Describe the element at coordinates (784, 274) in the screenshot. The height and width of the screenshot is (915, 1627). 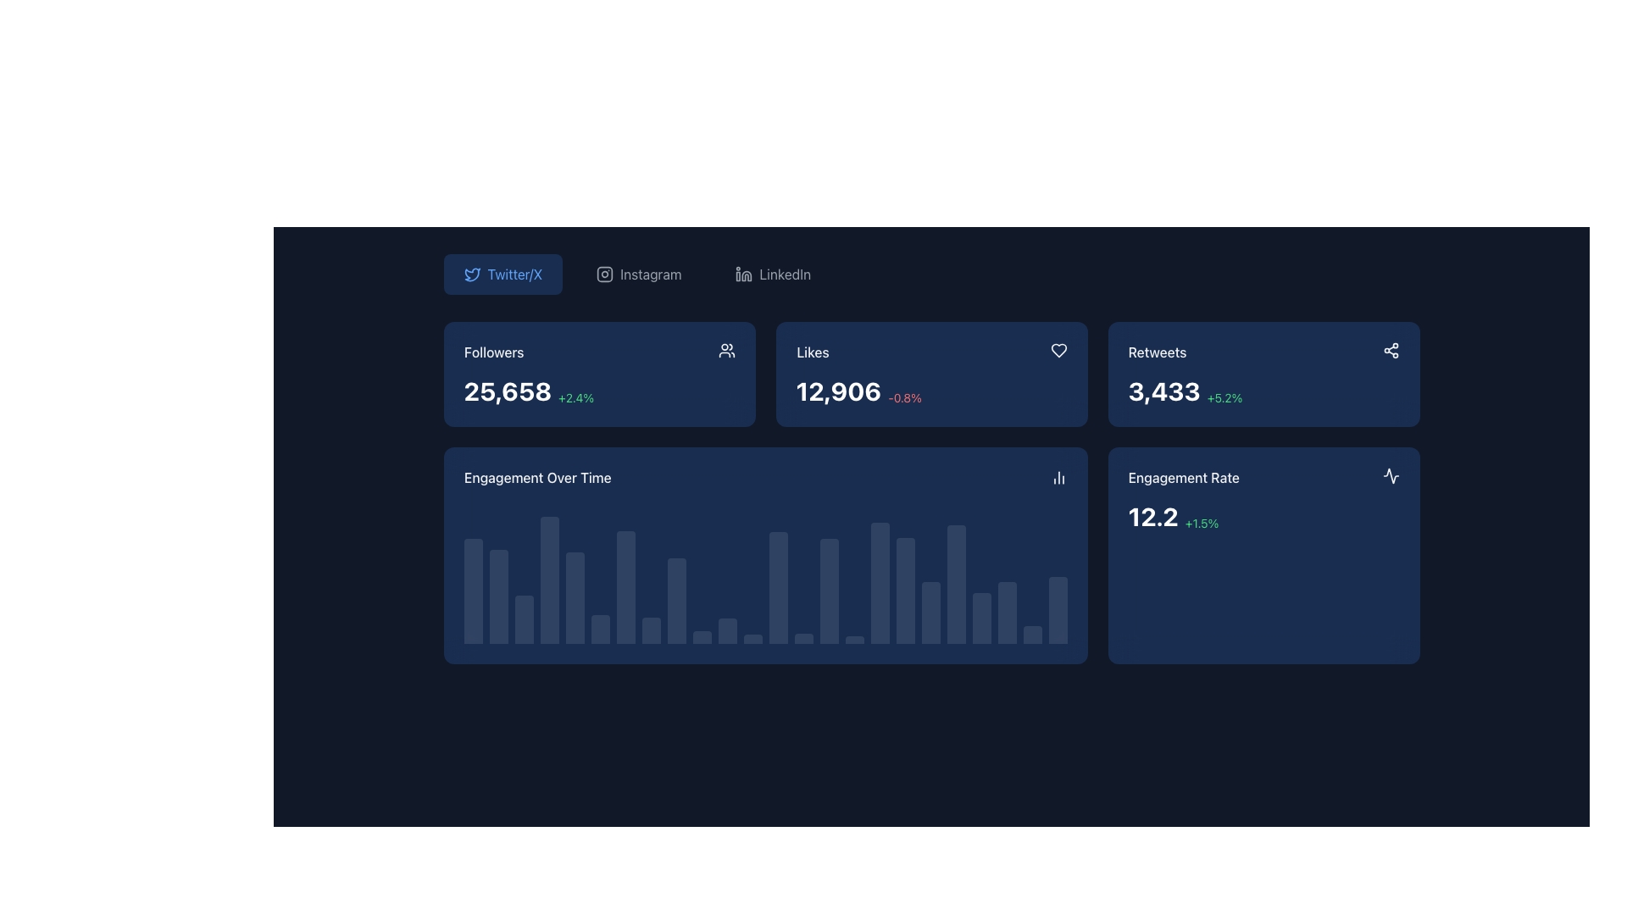
I see `the 'LinkedIn' text label in the horizontal navigation bar` at that location.